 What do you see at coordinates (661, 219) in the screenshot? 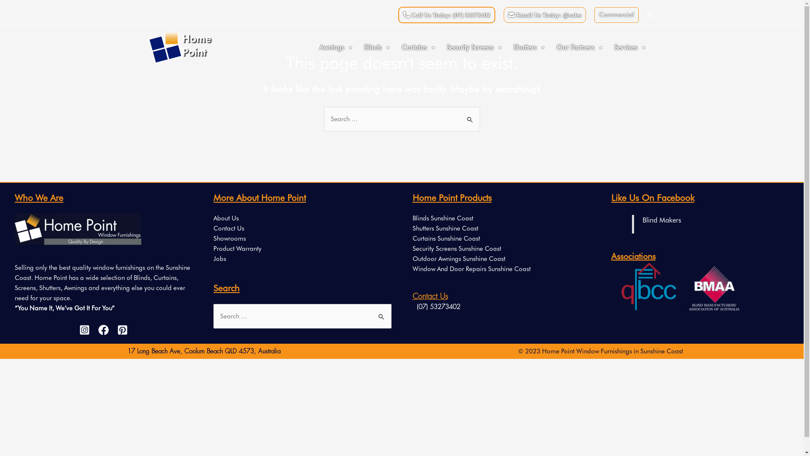
I see `'Blind Makers'` at bounding box center [661, 219].